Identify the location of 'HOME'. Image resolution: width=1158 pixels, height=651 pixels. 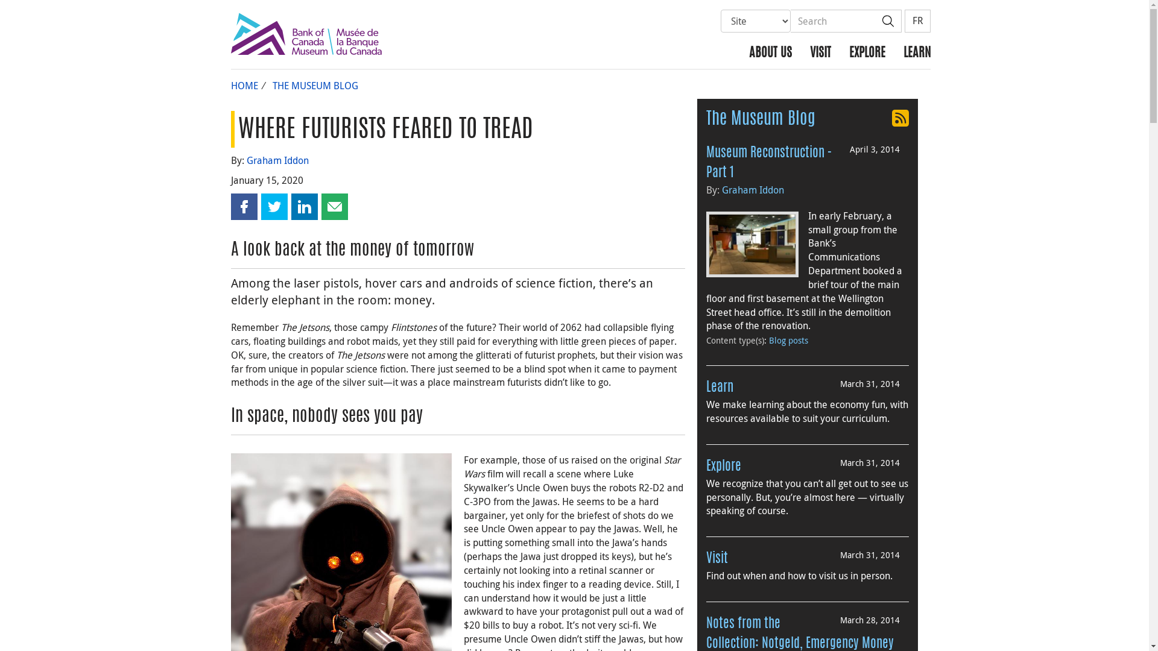
(243, 85).